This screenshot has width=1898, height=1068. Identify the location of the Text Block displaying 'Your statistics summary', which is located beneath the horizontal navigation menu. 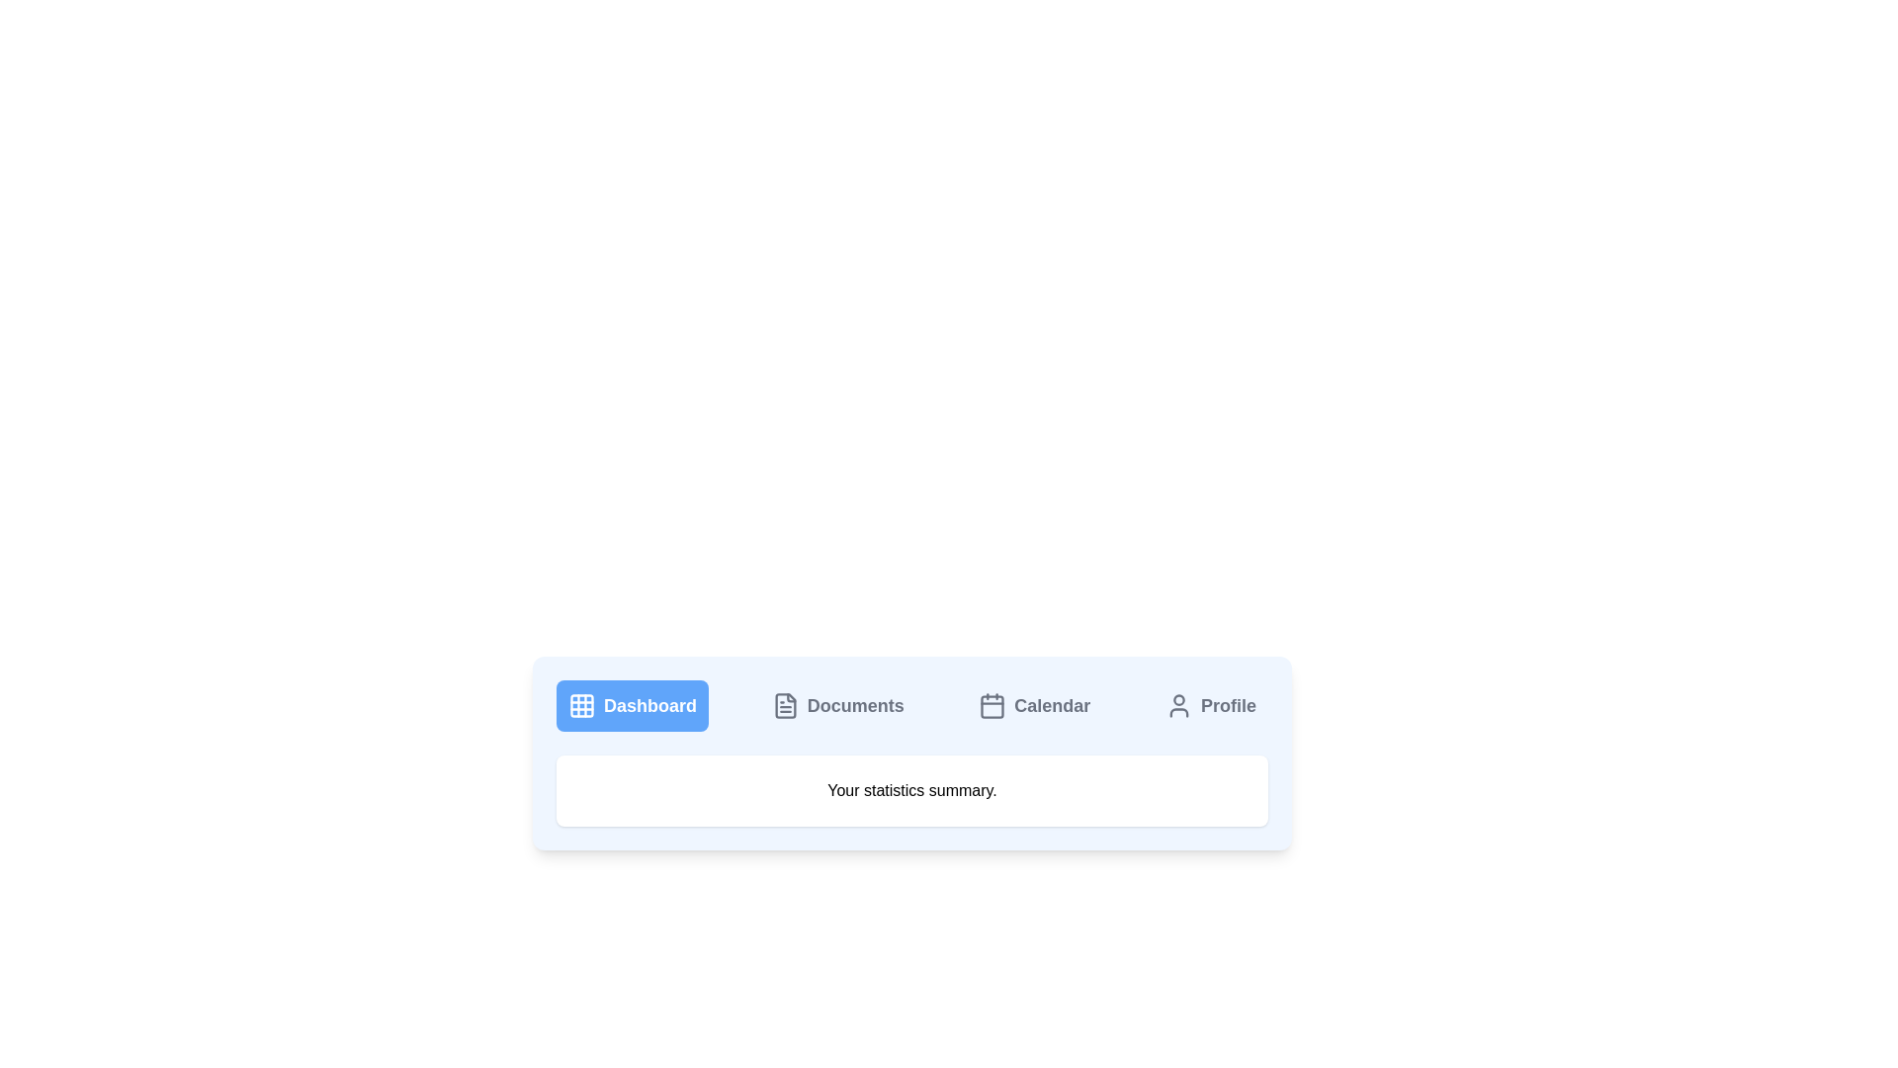
(910, 789).